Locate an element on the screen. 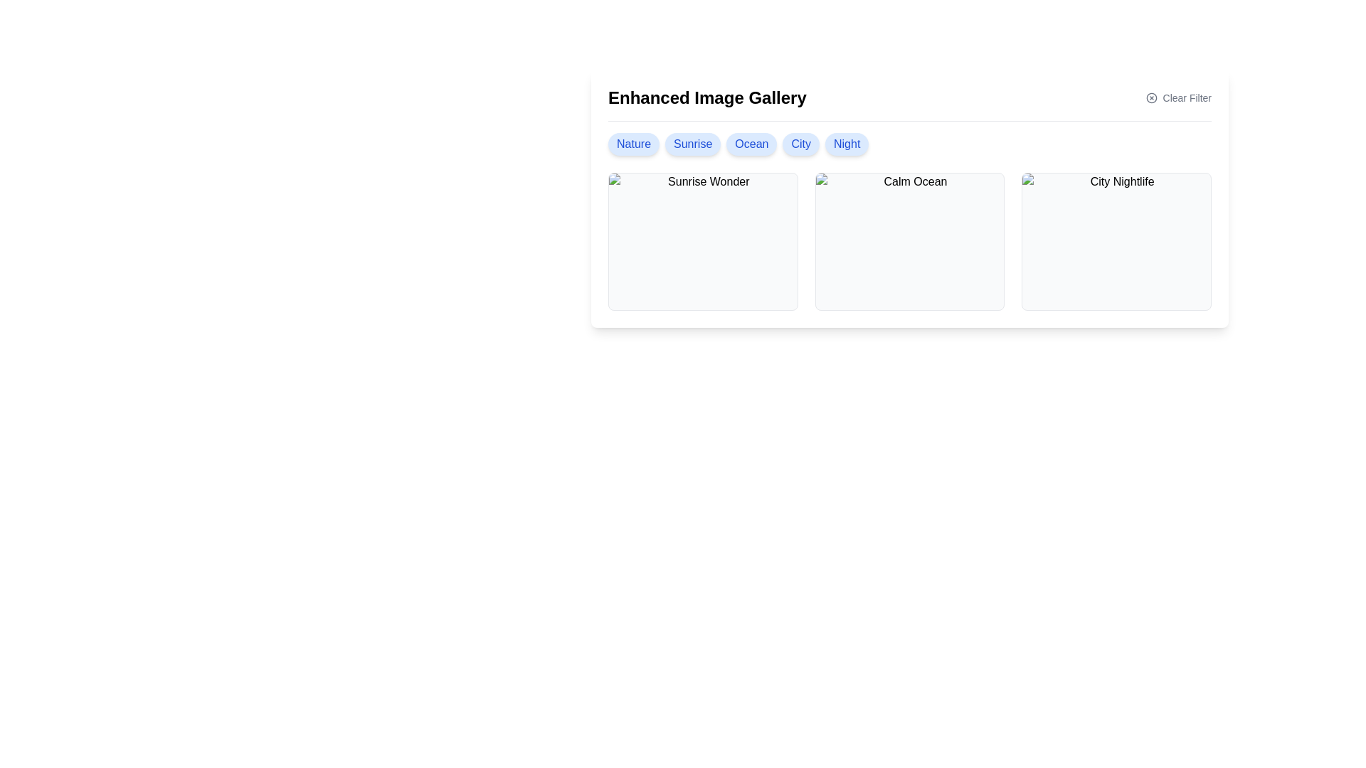  the 'City' themed button, which is the fourth button in a horizontal group of five is located at coordinates (801, 144).